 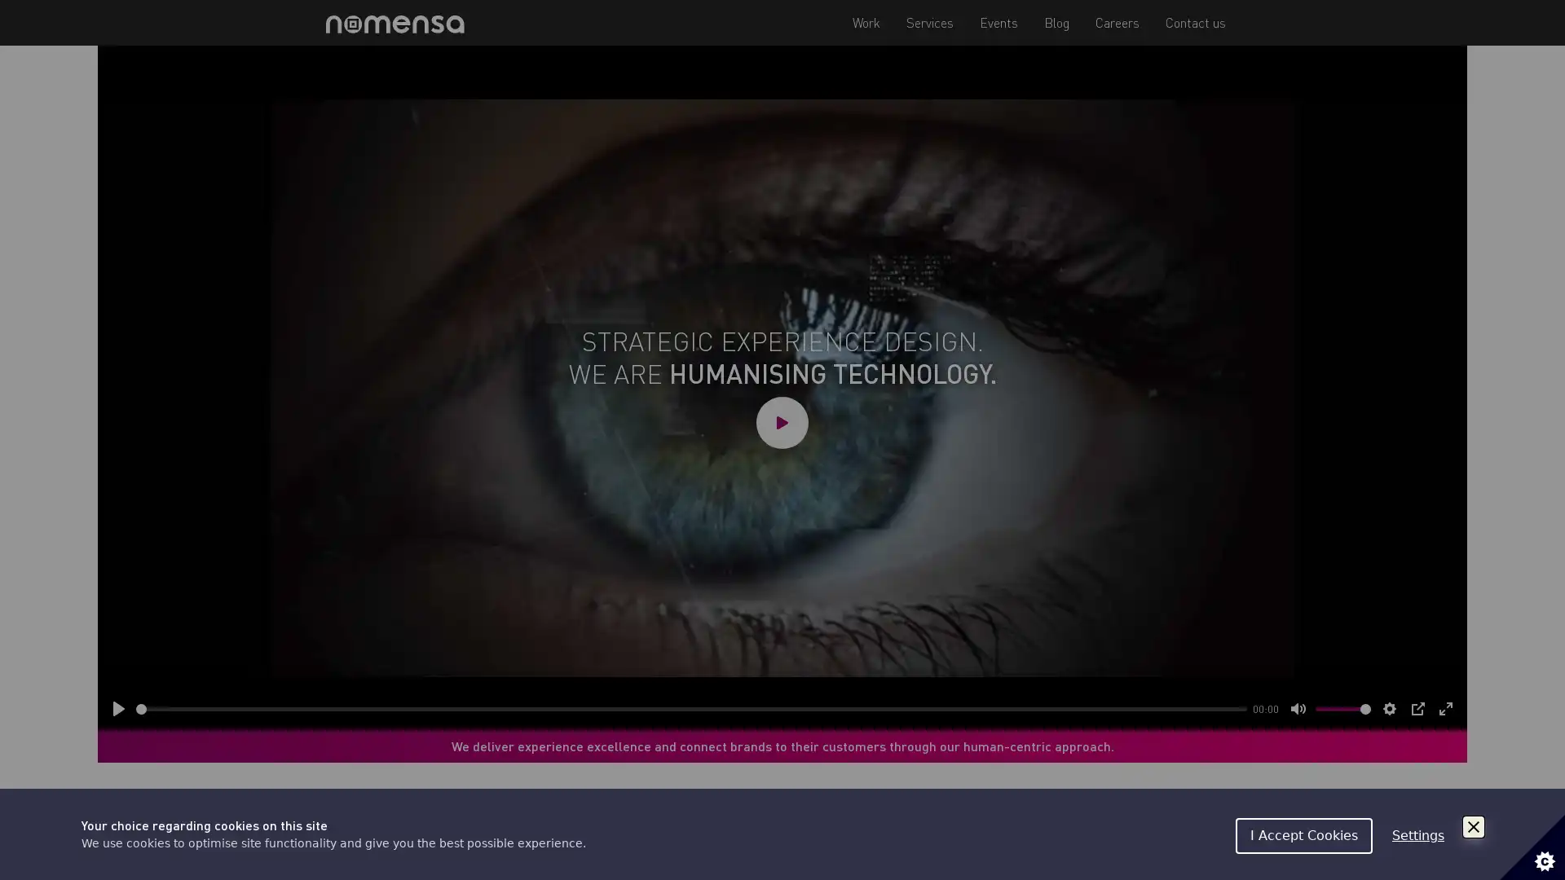 I want to click on Play, so click(x=117, y=708).